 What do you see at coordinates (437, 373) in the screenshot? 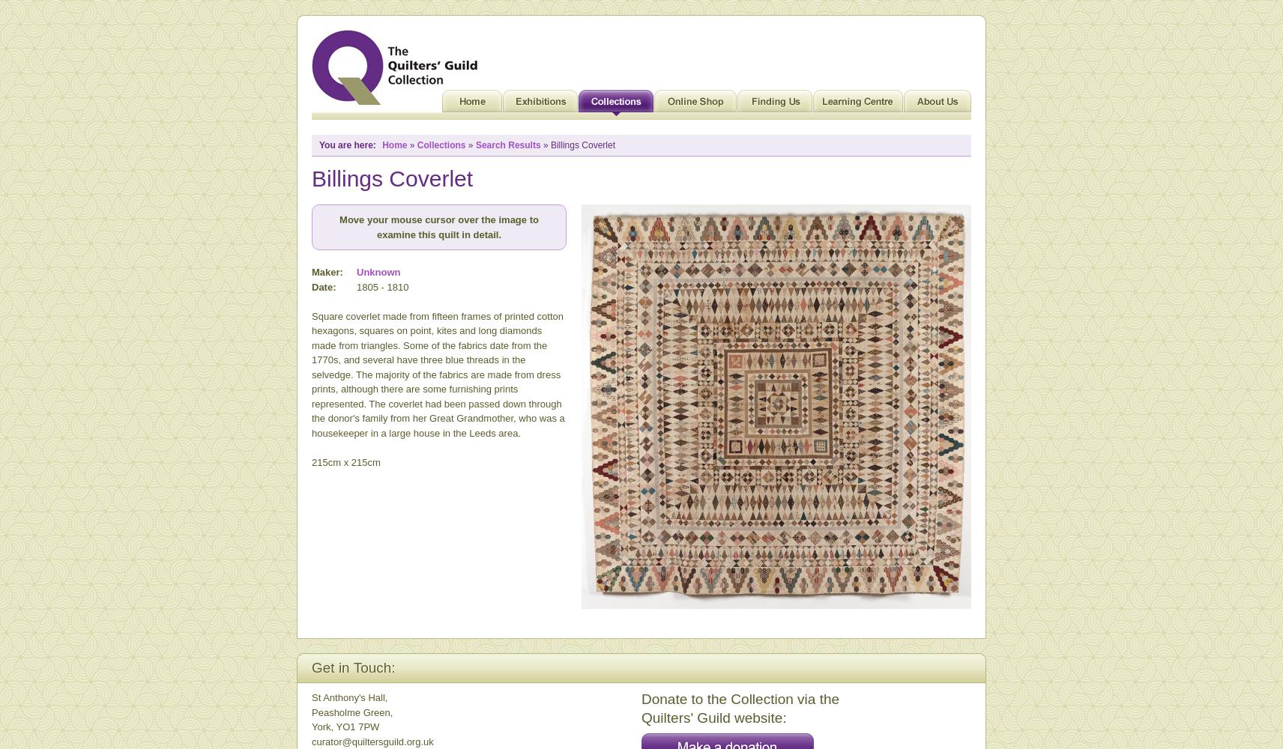
I see `'Square coverlet made from fifteen frames of printed cotton hexagons, squares on point, kites and long diamonds made from triangles. Some of the fabrics date from the 1770s, and several have three blue threads in the selvedge. The majority of the fabrics are made from dress prints, although there are some furnishing prints represented. The coverlet had been passed down through the donor's family from her Great Grandmother, who was a housekeeper in a large house in the Leeds area.'` at bounding box center [437, 373].